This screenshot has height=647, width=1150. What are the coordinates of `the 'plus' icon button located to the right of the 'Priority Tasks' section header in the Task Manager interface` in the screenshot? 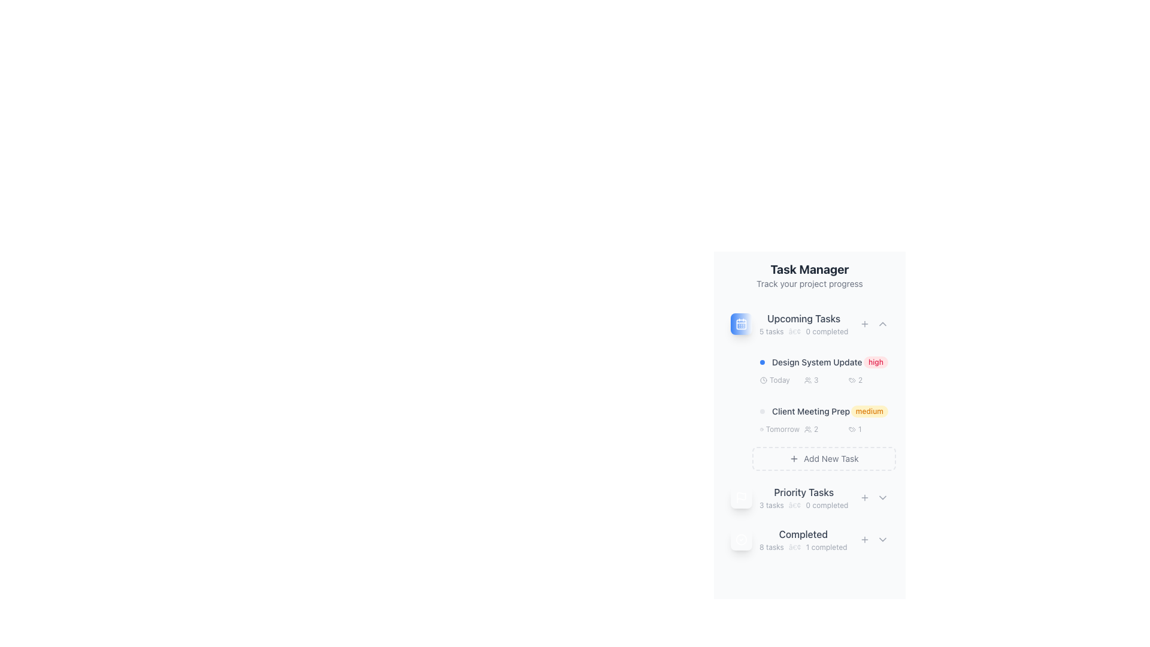 It's located at (865, 497).